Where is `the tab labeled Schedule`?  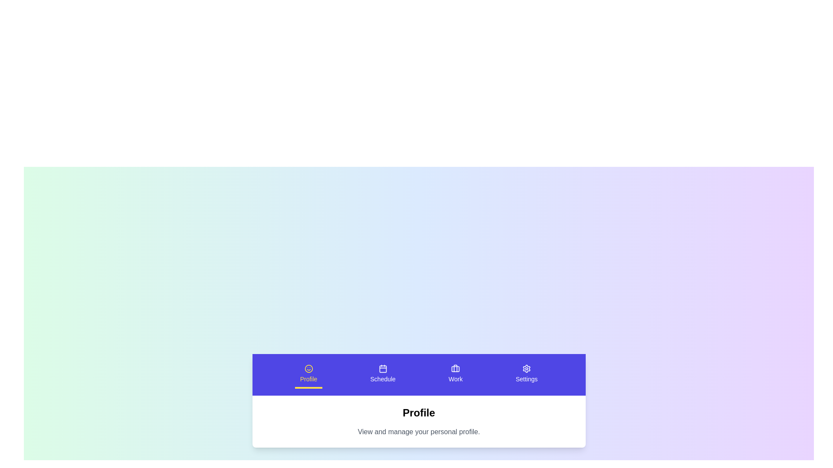 the tab labeled Schedule is located at coordinates (382, 374).